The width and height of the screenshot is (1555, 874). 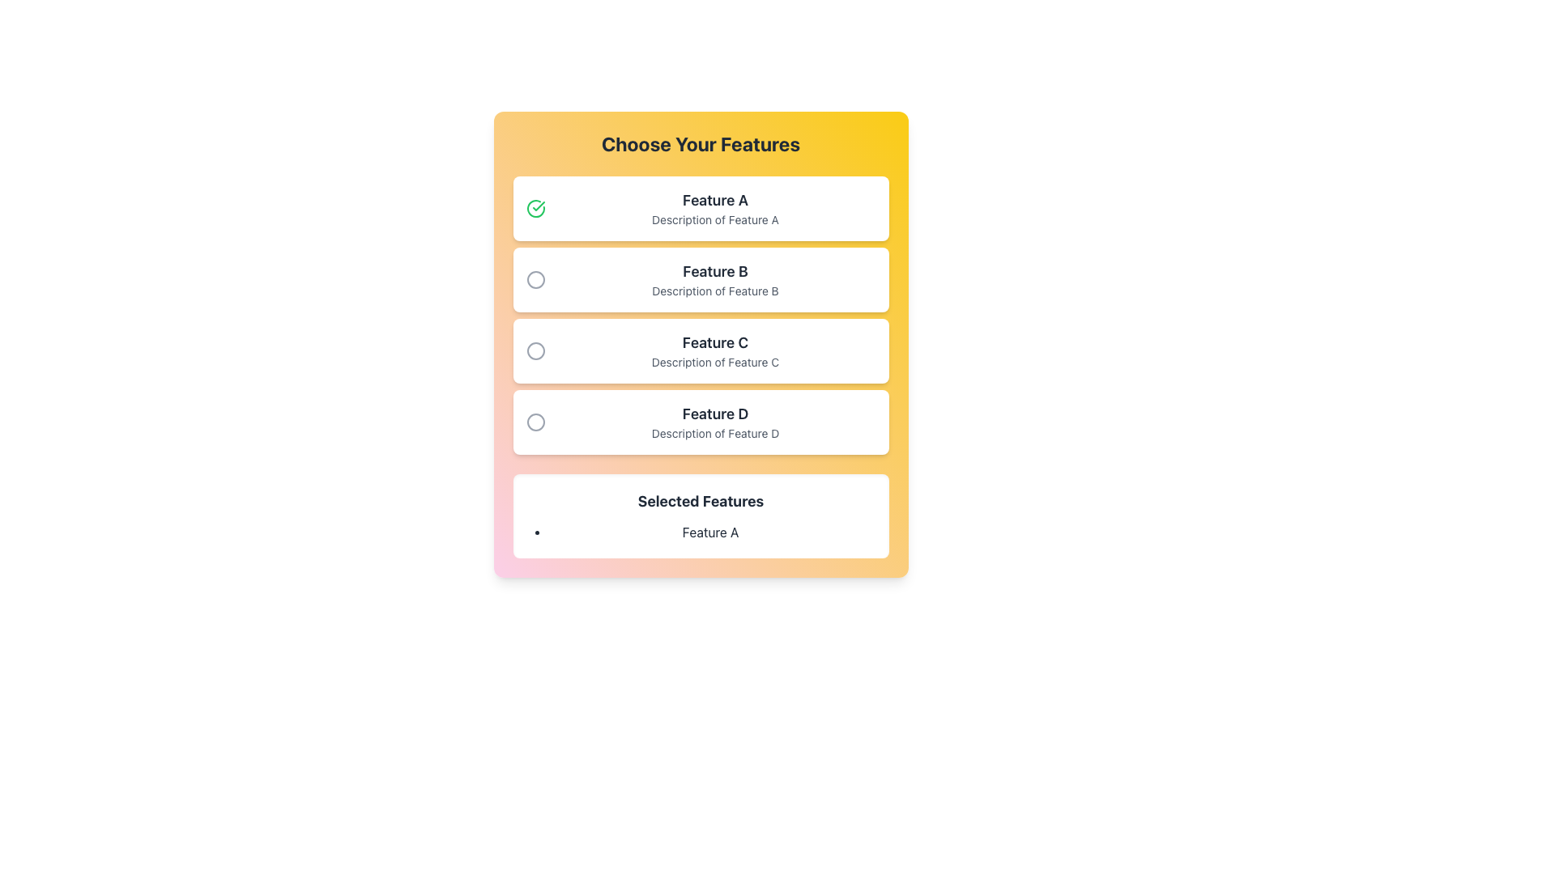 I want to click on the Text Label that describes the feature selection option located in the center of the list labeled 'Choose Your Features', specifically the second item below 'Feature A', so click(x=714, y=270).